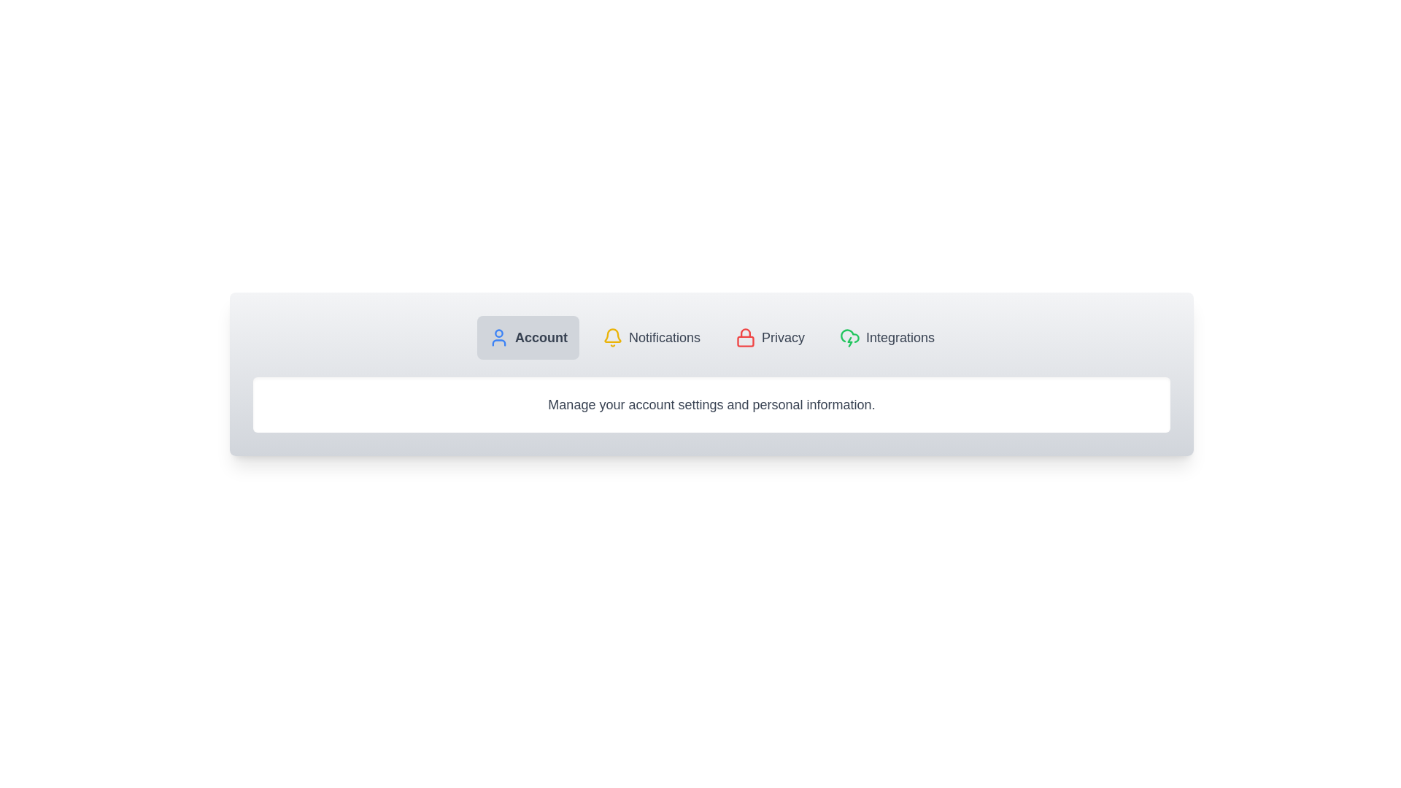  I want to click on the Text label in the navigation menu that links to the notifications section, so click(664, 337).